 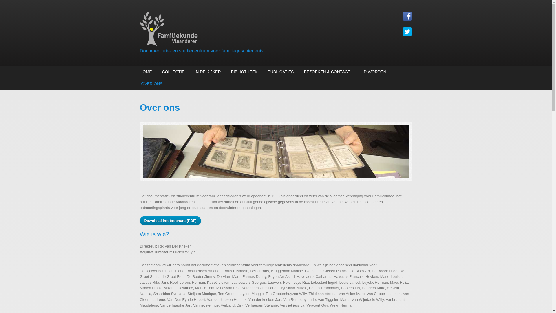 What do you see at coordinates (151, 84) in the screenshot?
I see `'OVER ONS'` at bounding box center [151, 84].